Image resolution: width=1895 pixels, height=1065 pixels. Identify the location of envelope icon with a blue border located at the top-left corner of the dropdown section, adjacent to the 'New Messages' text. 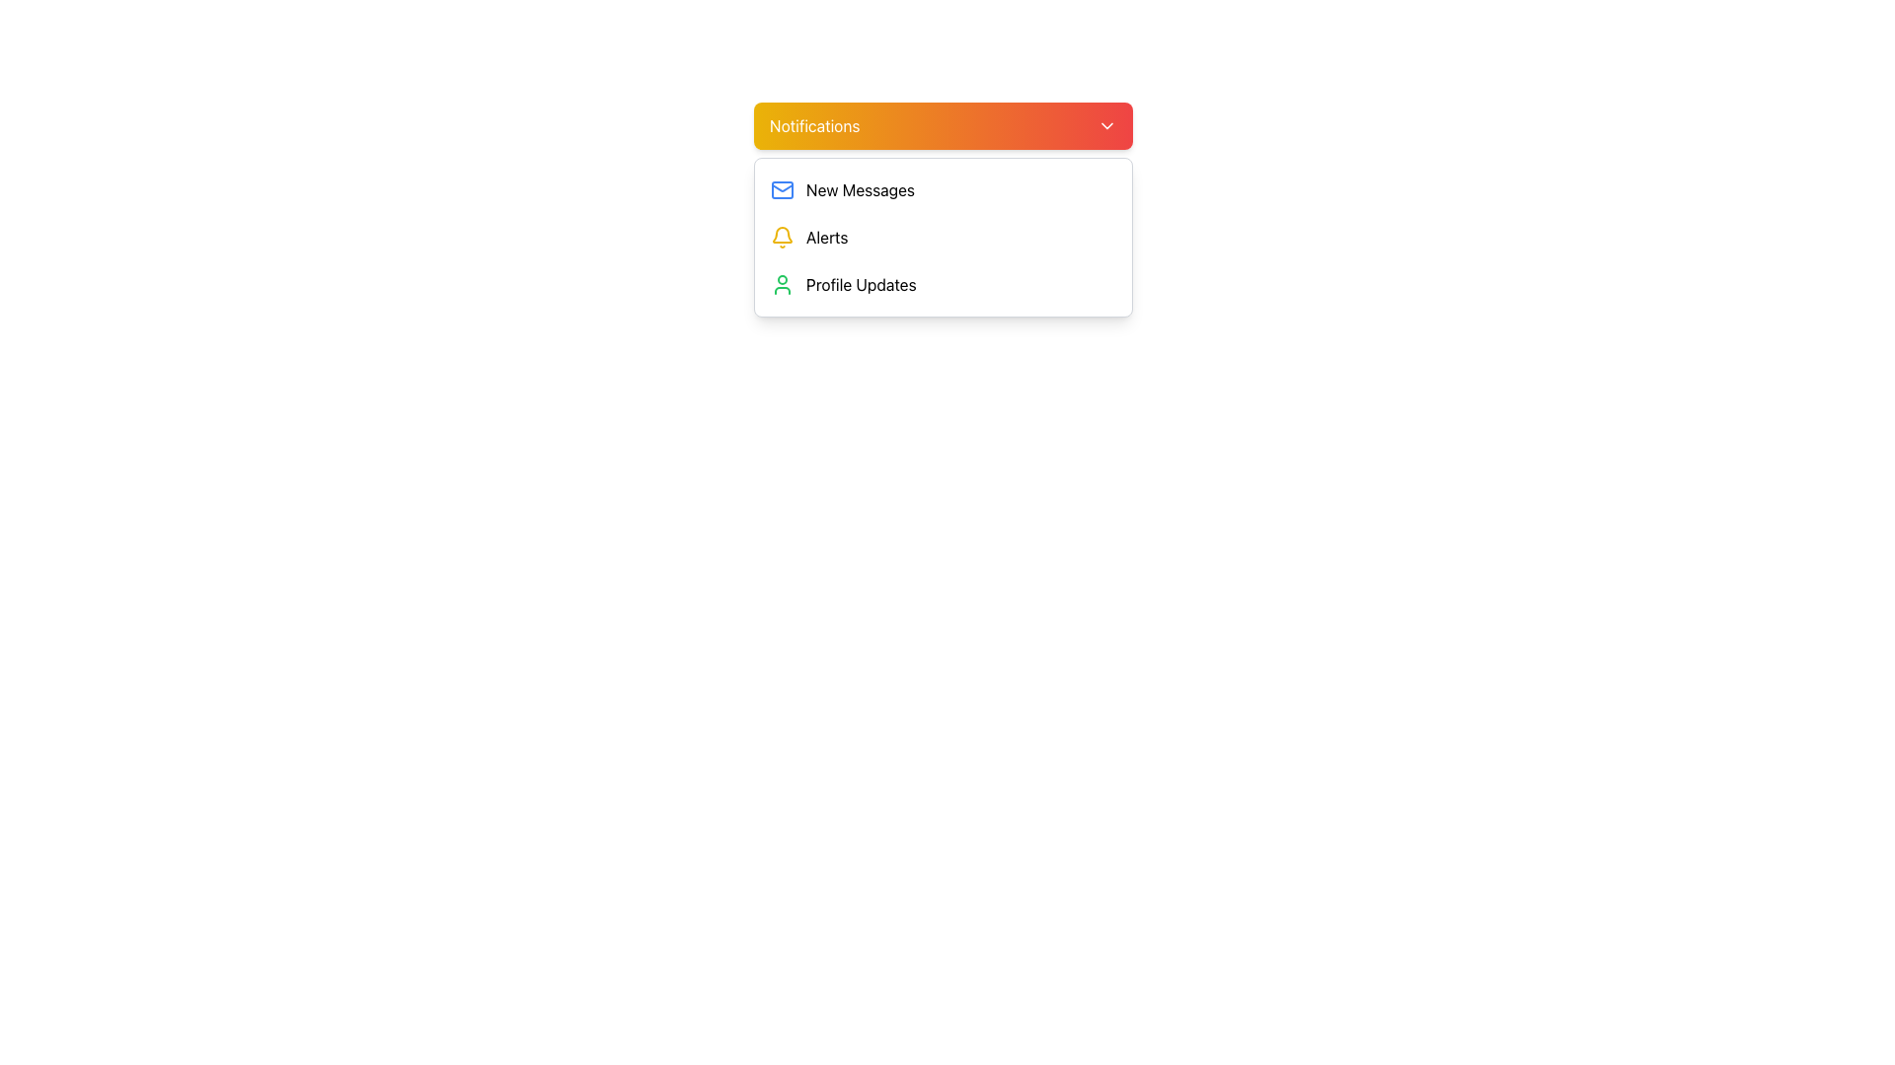
(781, 189).